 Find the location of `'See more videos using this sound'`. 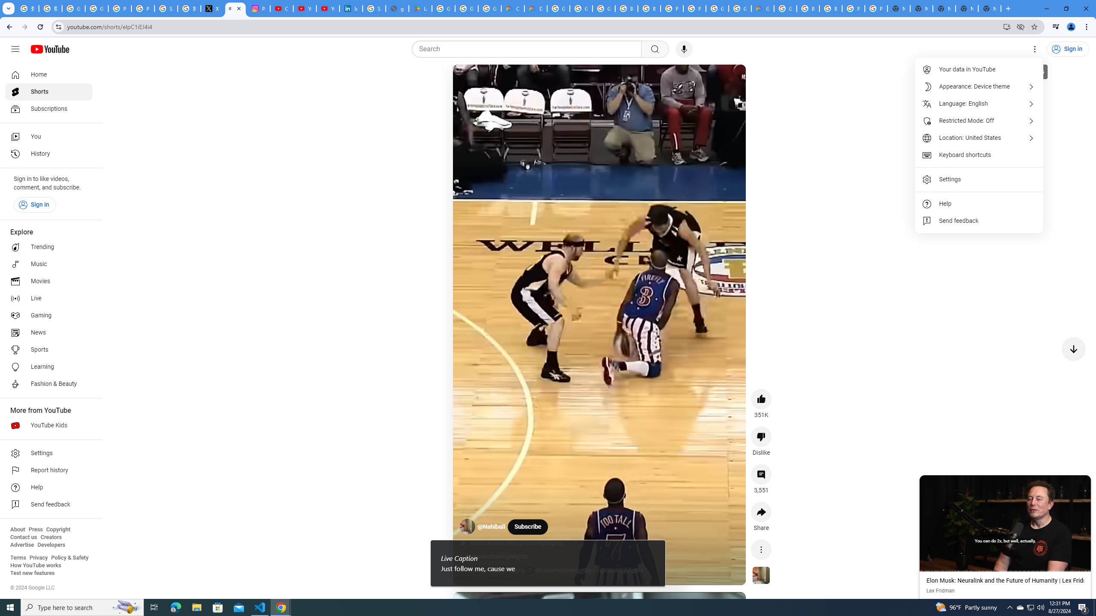

'See more videos using this sound' is located at coordinates (761, 575).